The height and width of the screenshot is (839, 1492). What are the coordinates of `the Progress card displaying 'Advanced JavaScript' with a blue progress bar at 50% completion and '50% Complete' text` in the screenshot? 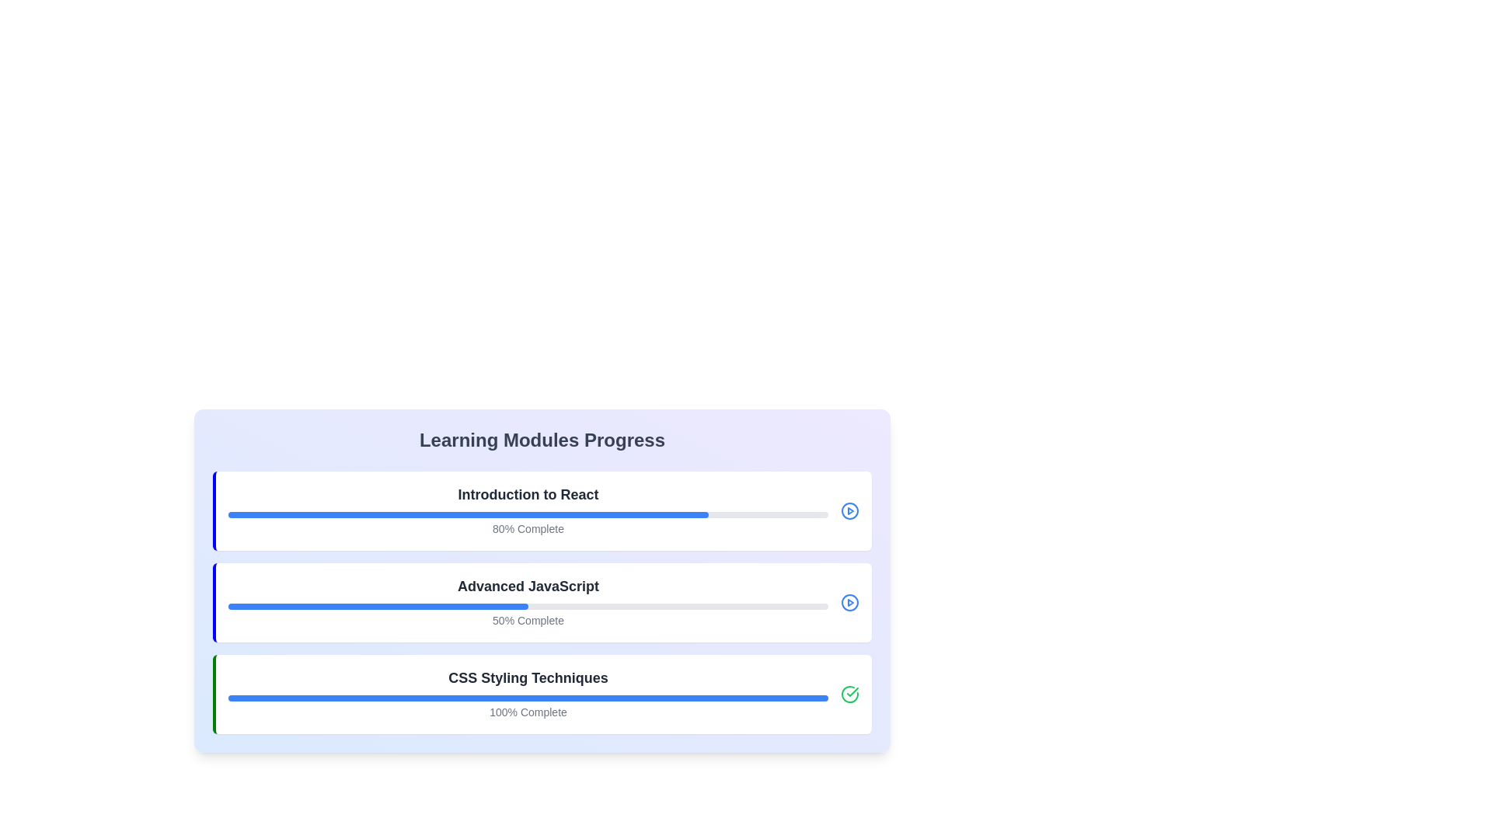 It's located at (542, 601).